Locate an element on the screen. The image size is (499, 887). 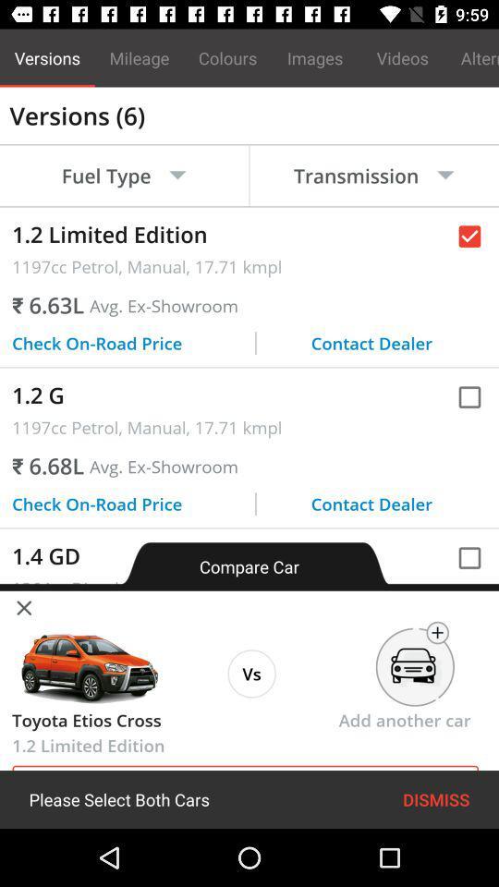
the close icon is located at coordinates (23, 605).